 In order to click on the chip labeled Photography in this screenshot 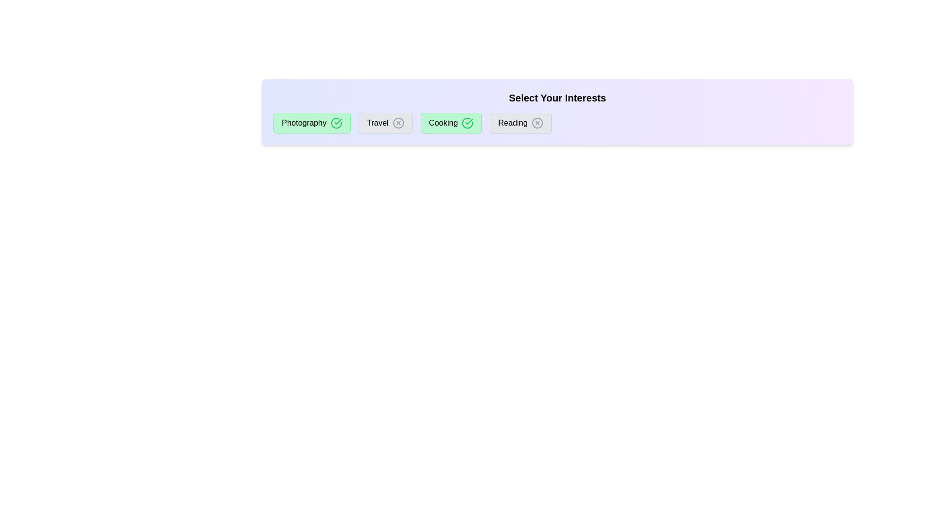, I will do `click(311, 123)`.